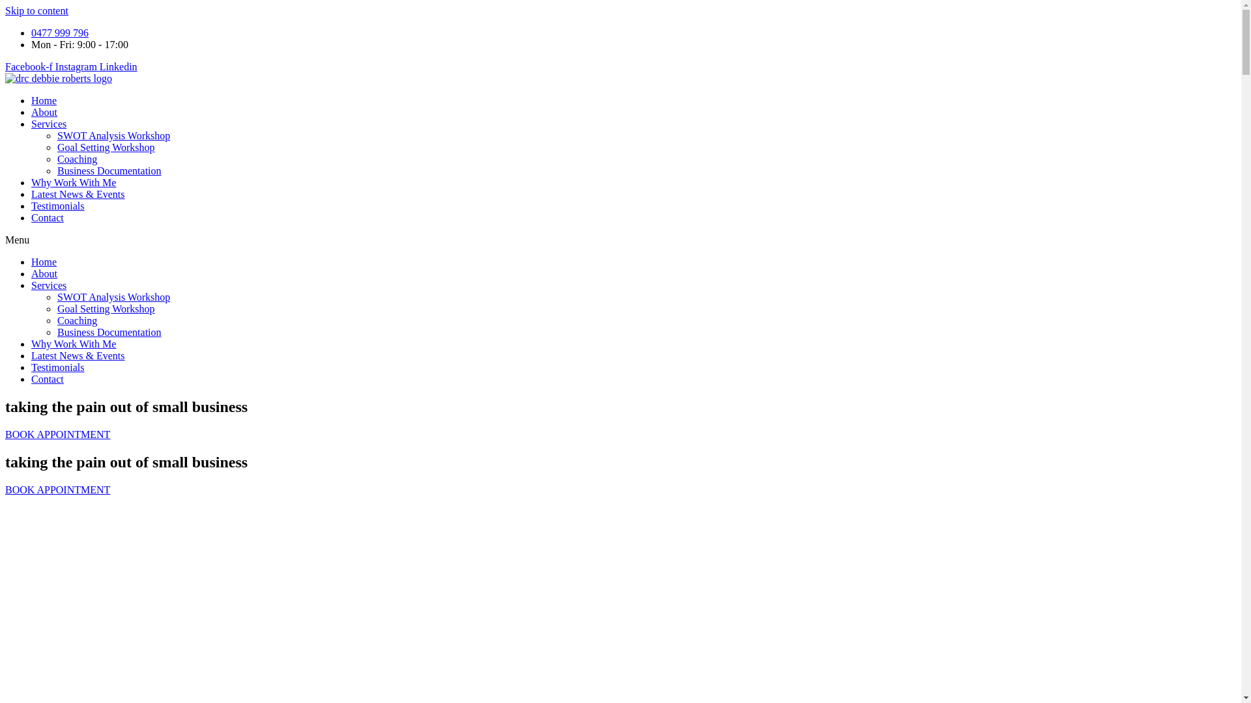 Image resolution: width=1251 pixels, height=703 pixels. I want to click on 'Skip to content', so click(36, 10).